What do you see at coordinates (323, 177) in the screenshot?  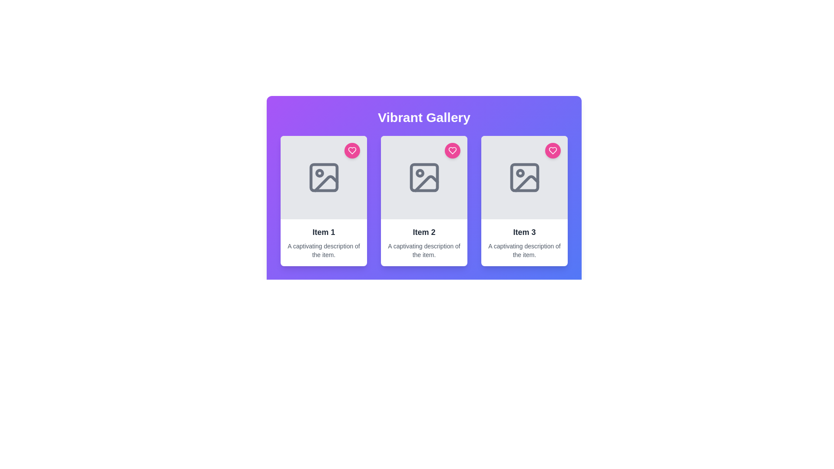 I see `the small rectangular shape with rounded corners that serves as the icon background in the top-left of the 'Item 1' card in the 'Vibrant Gallery' interface` at bounding box center [323, 177].